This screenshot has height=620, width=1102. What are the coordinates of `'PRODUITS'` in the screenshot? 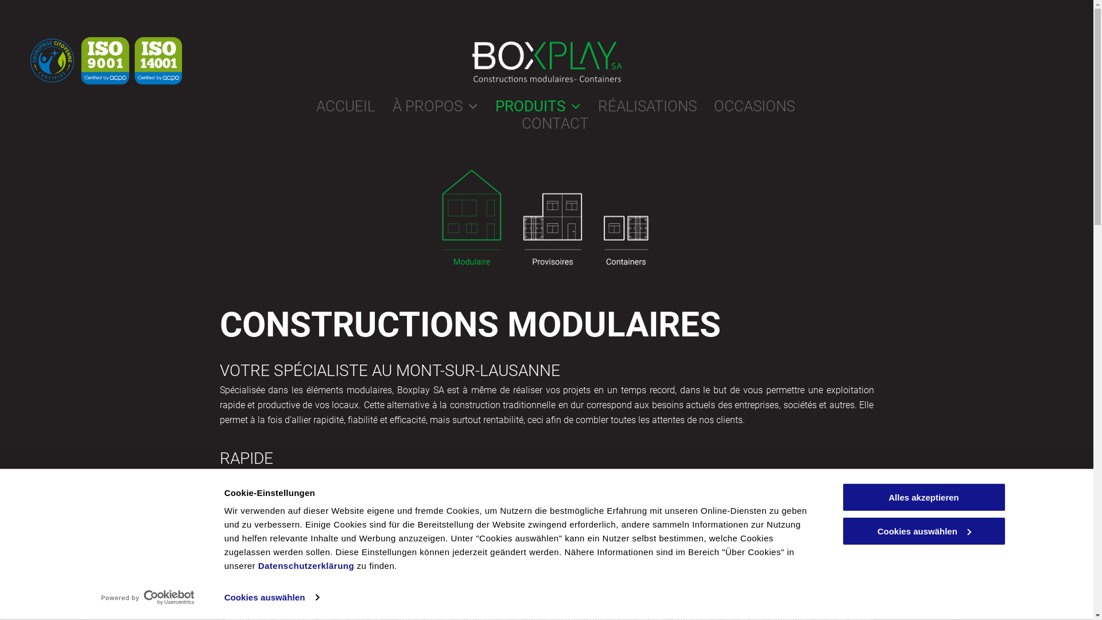 It's located at (477, 106).